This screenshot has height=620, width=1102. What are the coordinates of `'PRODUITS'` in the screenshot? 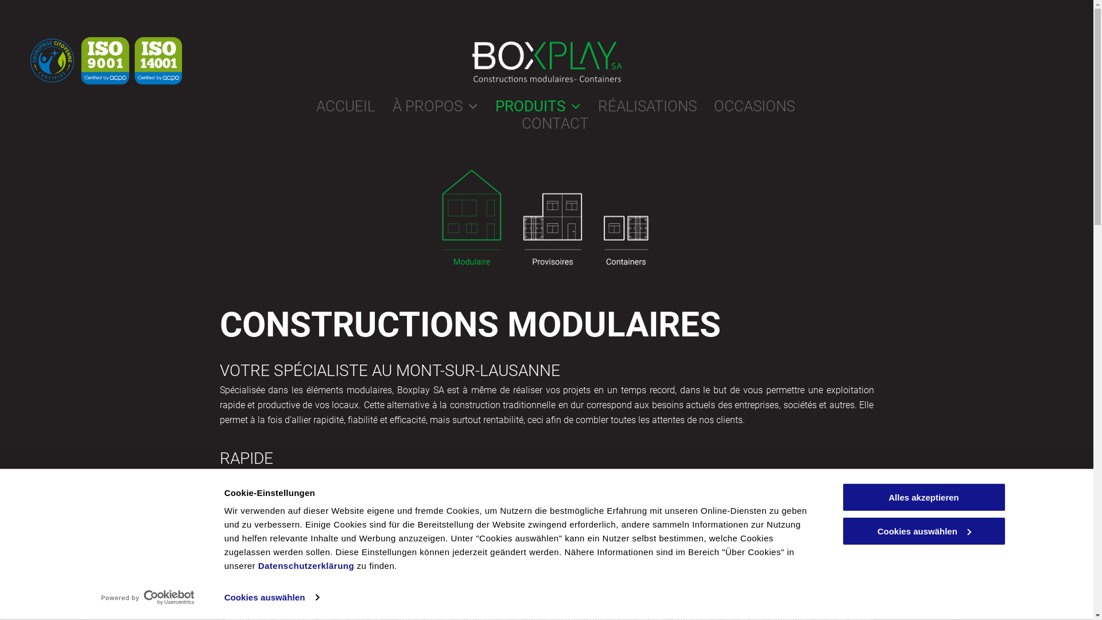 It's located at (477, 106).